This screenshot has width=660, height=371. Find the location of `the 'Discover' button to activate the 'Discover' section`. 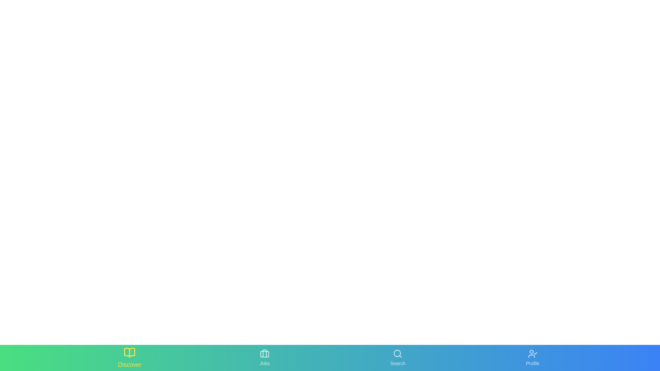

the 'Discover' button to activate the 'Discover' section is located at coordinates (130, 357).